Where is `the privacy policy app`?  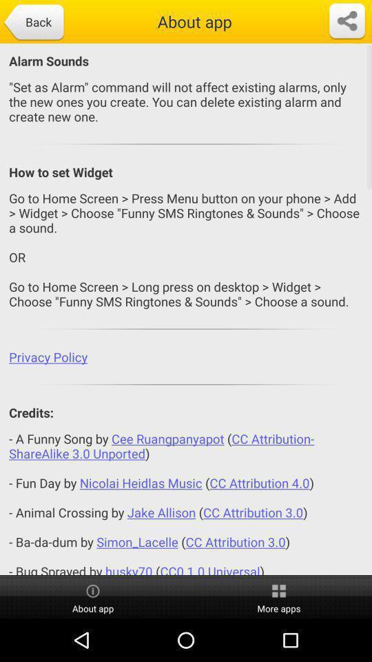 the privacy policy app is located at coordinates (186, 356).